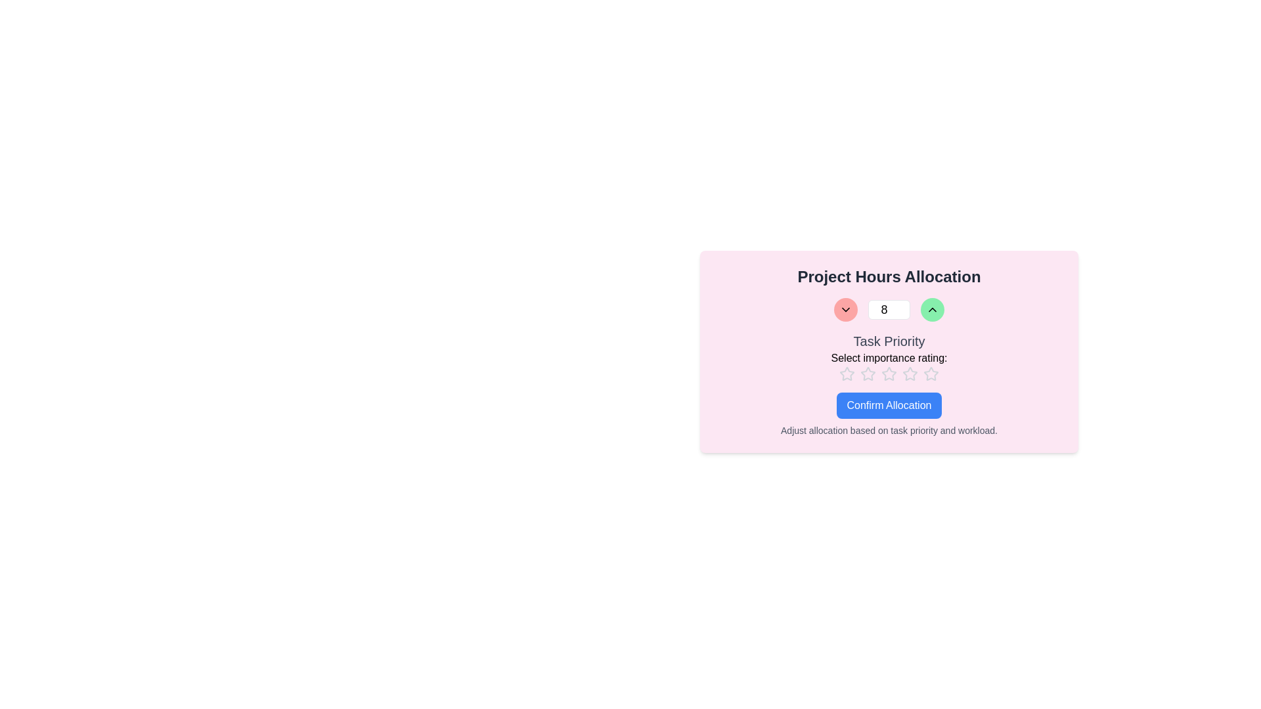 Image resolution: width=1261 pixels, height=709 pixels. What do you see at coordinates (889, 374) in the screenshot?
I see `the third star in the rating scale located beneath 'Select importance rating:' in the 'Task Priority' section` at bounding box center [889, 374].